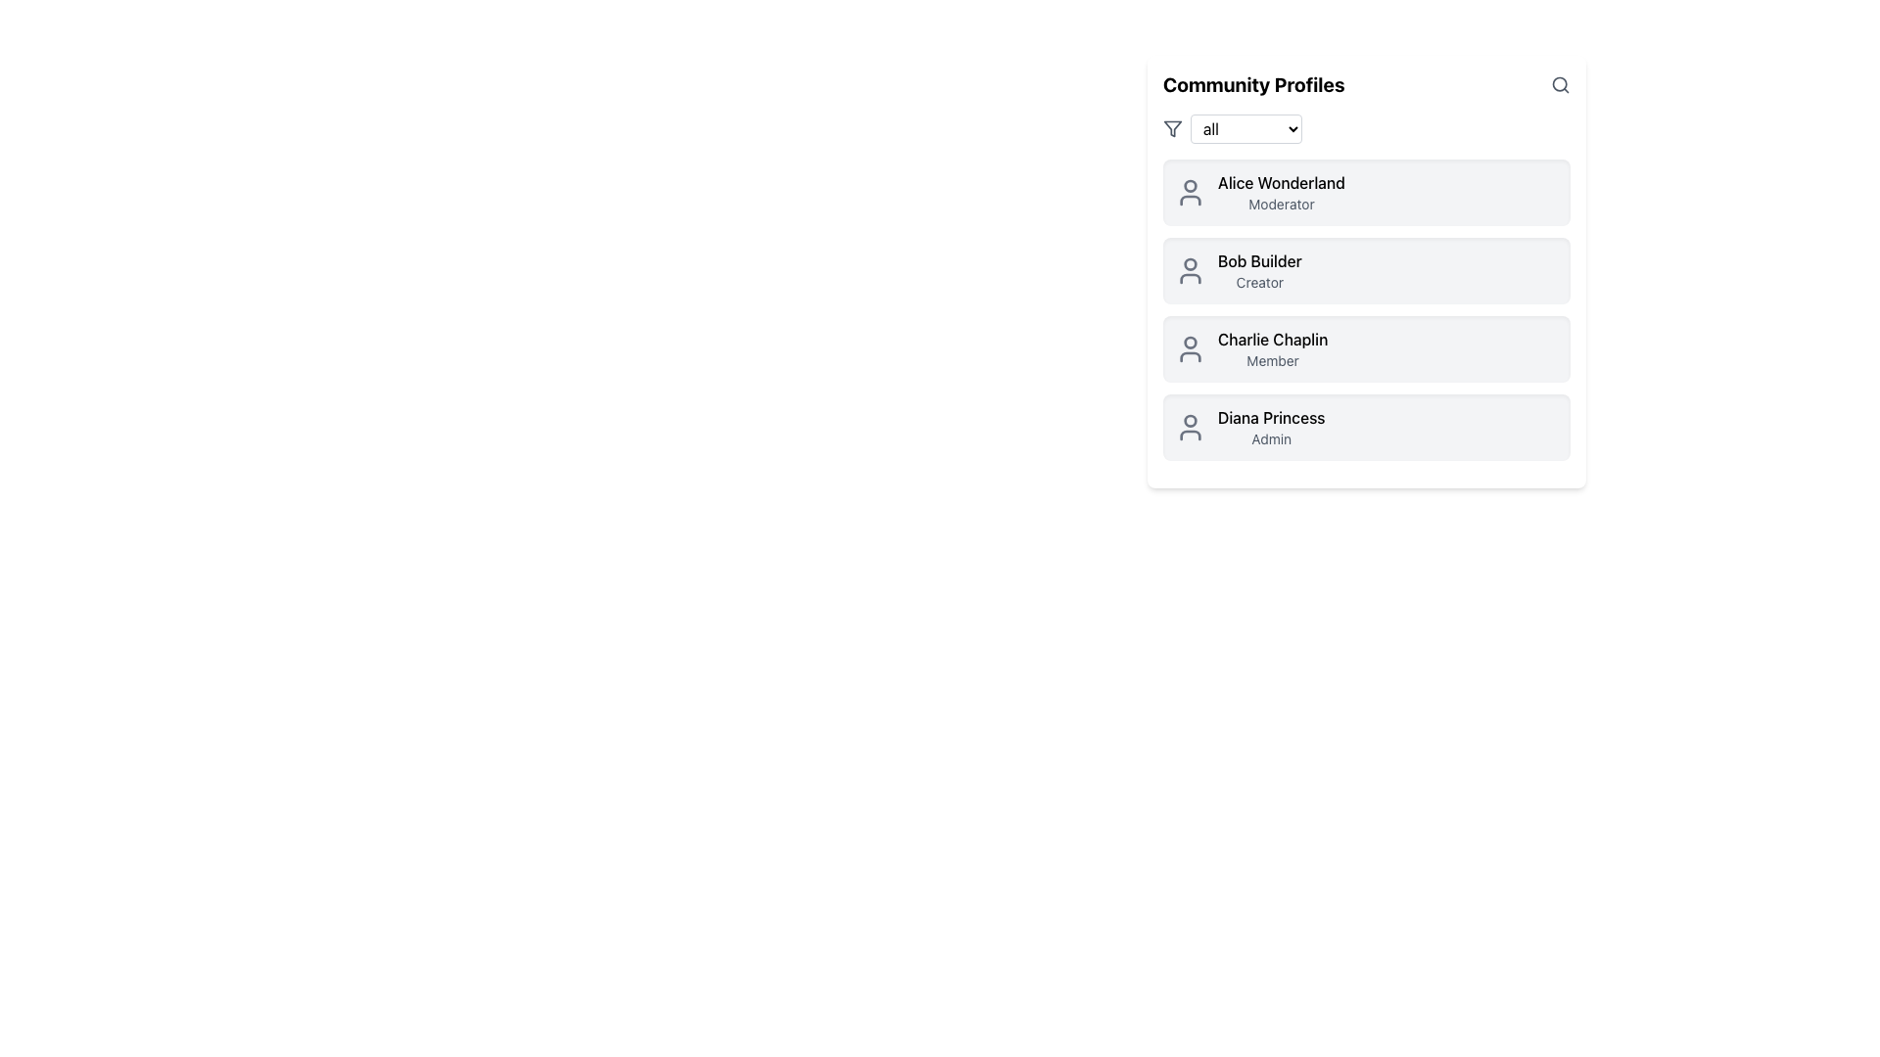 The image size is (1880, 1057). I want to click on the 'Admin' status indicator text label of user 'Diana Princess', located directly below their name in the user profile entry, so click(1271, 437).